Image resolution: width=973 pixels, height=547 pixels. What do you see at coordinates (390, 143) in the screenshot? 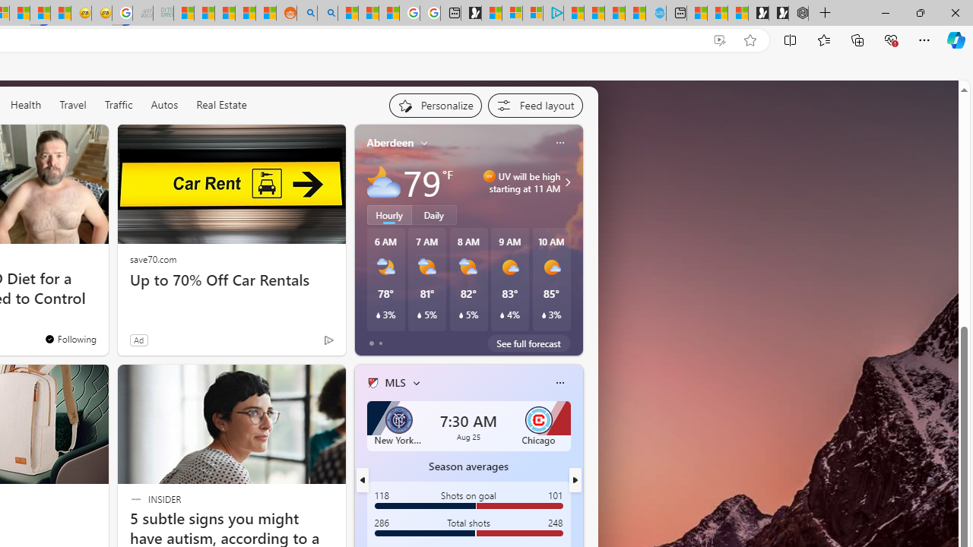
I see `'Aberdeen'` at bounding box center [390, 143].